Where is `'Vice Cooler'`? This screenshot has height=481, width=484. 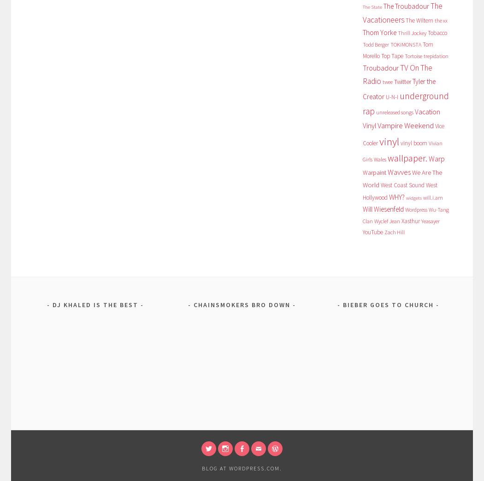 'Vice Cooler' is located at coordinates (402, 134).